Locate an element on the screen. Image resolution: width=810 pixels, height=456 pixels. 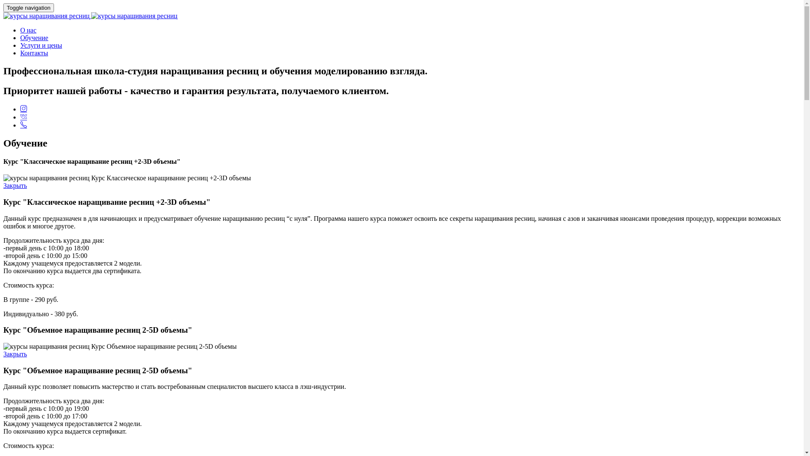
'Toggle navigation' is located at coordinates (3, 8).